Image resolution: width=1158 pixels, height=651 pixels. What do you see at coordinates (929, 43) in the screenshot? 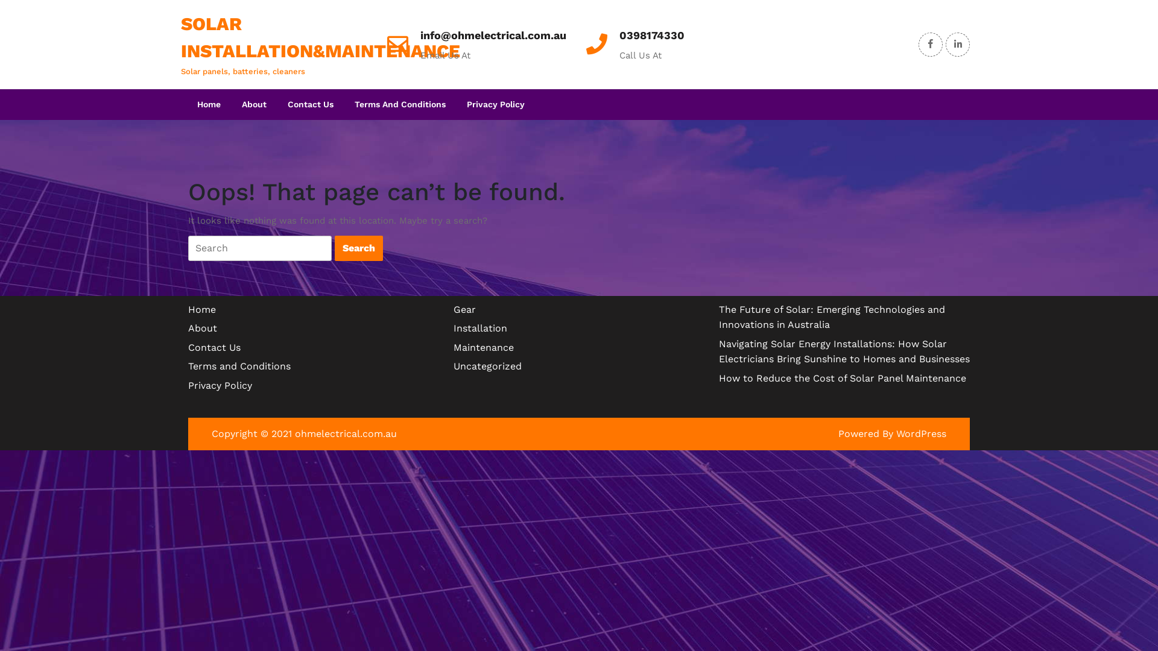
I see `'Facebook'` at bounding box center [929, 43].